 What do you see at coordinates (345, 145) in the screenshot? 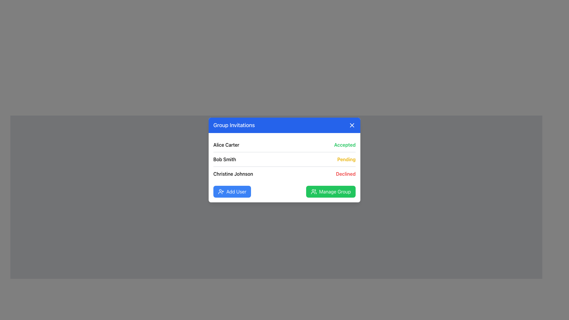
I see `the styled text label displaying 'Accepted' in green, located in the user invitation panel within the modal titled 'Group Invitations'` at bounding box center [345, 145].